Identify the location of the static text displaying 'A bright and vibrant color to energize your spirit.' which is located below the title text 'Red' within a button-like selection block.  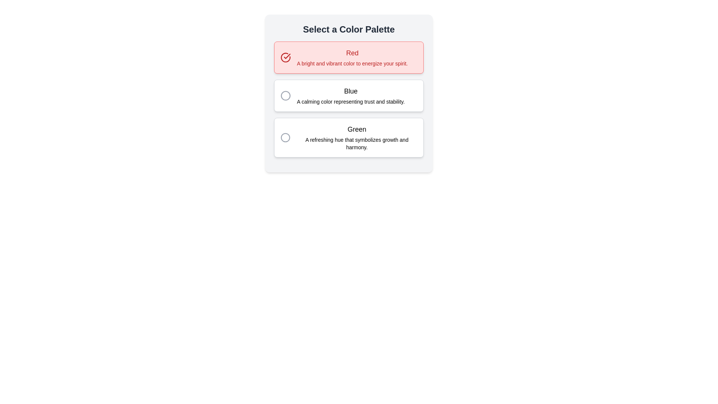
(352, 63).